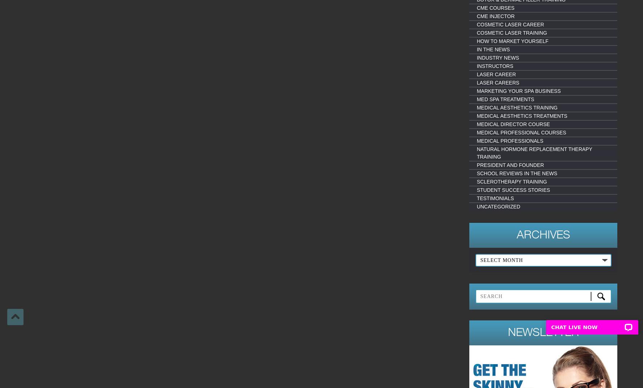 The height and width of the screenshot is (388, 643). Describe the element at coordinates (543, 332) in the screenshot. I see `'Newsletter'` at that location.